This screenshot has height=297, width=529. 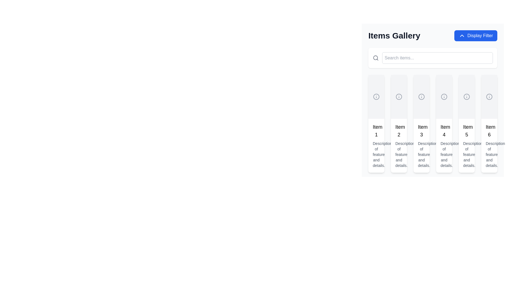 I want to click on the text label 'Item 3', which is styled in a larger, bold font and positioned at the top of its card element, so click(x=421, y=131).